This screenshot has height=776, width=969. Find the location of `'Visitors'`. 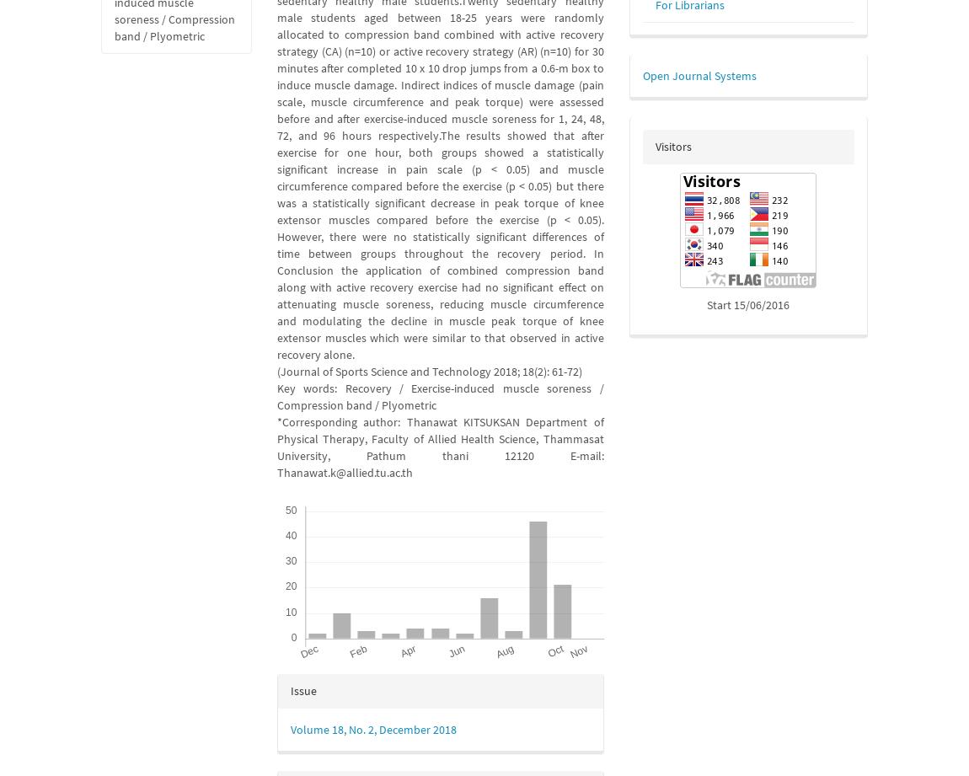

'Visitors' is located at coordinates (672, 145).